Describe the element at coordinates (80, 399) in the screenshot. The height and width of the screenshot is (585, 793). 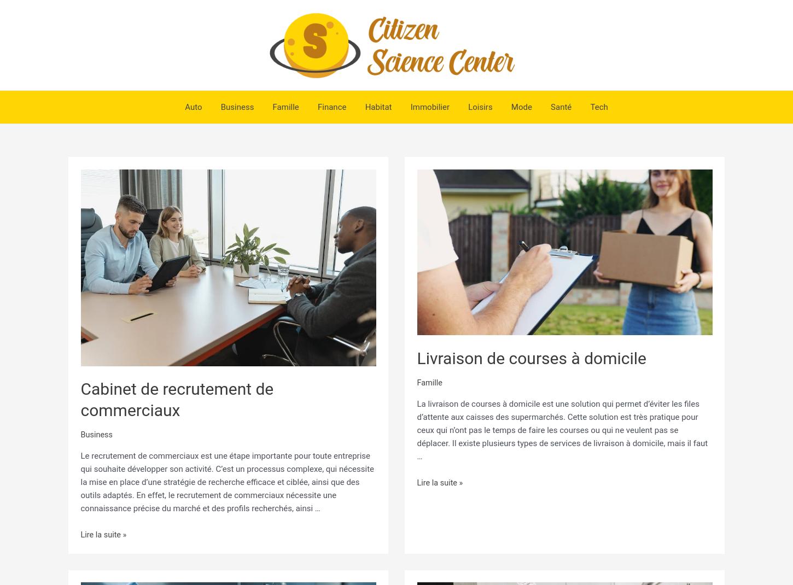
I see `'Cabinet de recrutement de commerciaux'` at that location.